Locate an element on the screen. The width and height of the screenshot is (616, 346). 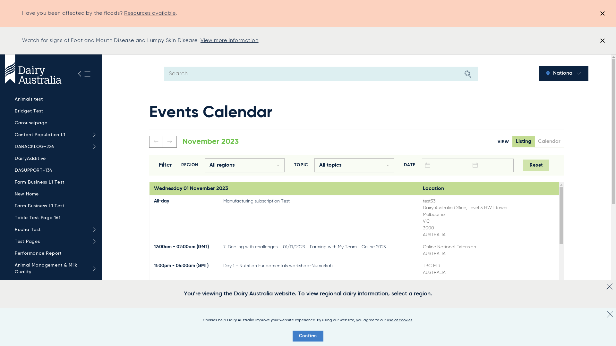
'Rucha Test' is located at coordinates (54, 229).